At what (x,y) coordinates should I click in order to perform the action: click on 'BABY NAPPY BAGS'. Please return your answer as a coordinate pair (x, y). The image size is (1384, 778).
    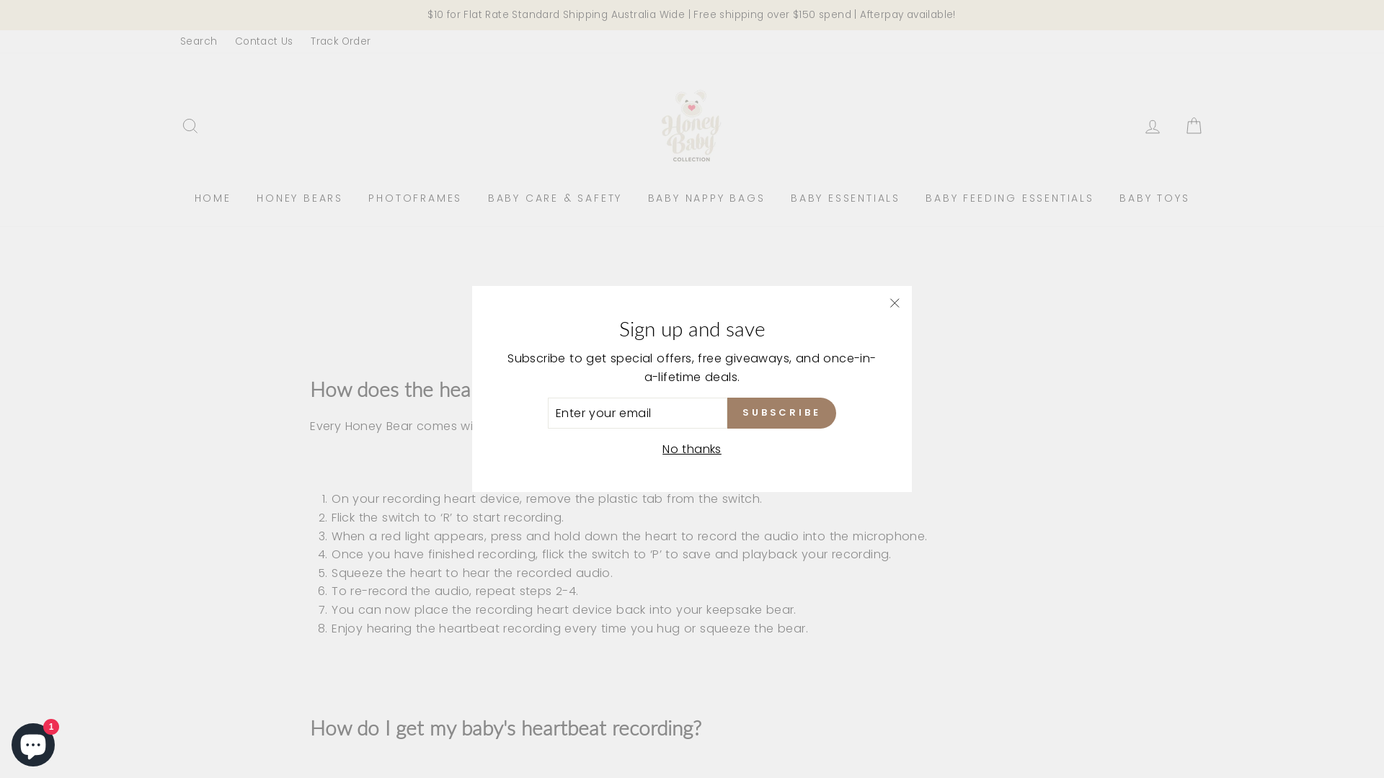
    Looking at the image, I should click on (636, 197).